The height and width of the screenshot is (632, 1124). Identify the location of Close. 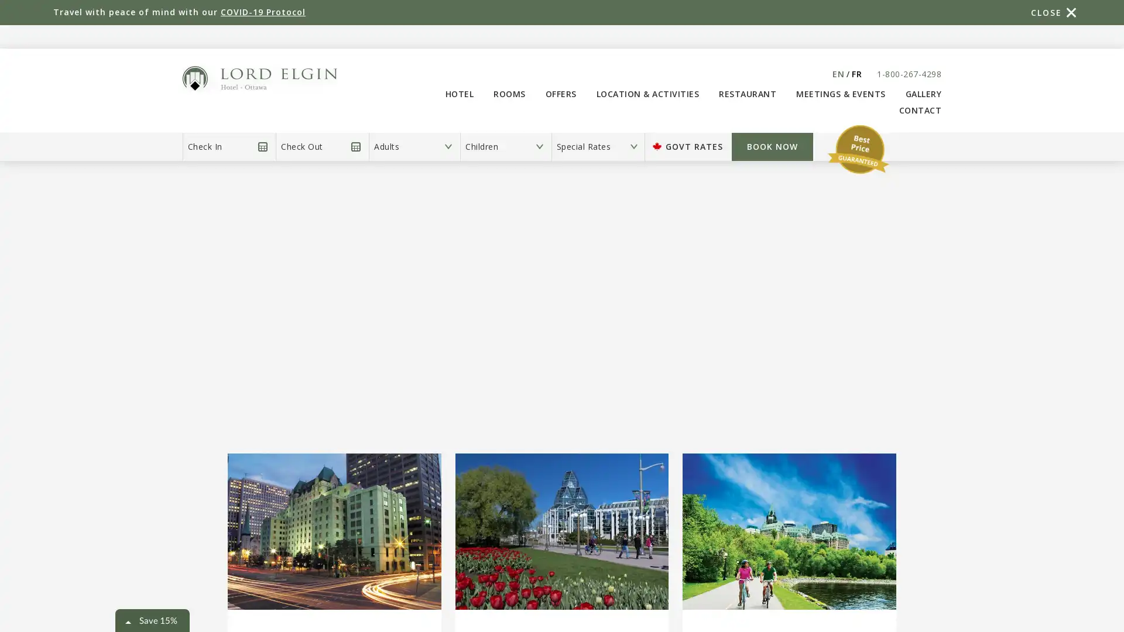
(691, 83).